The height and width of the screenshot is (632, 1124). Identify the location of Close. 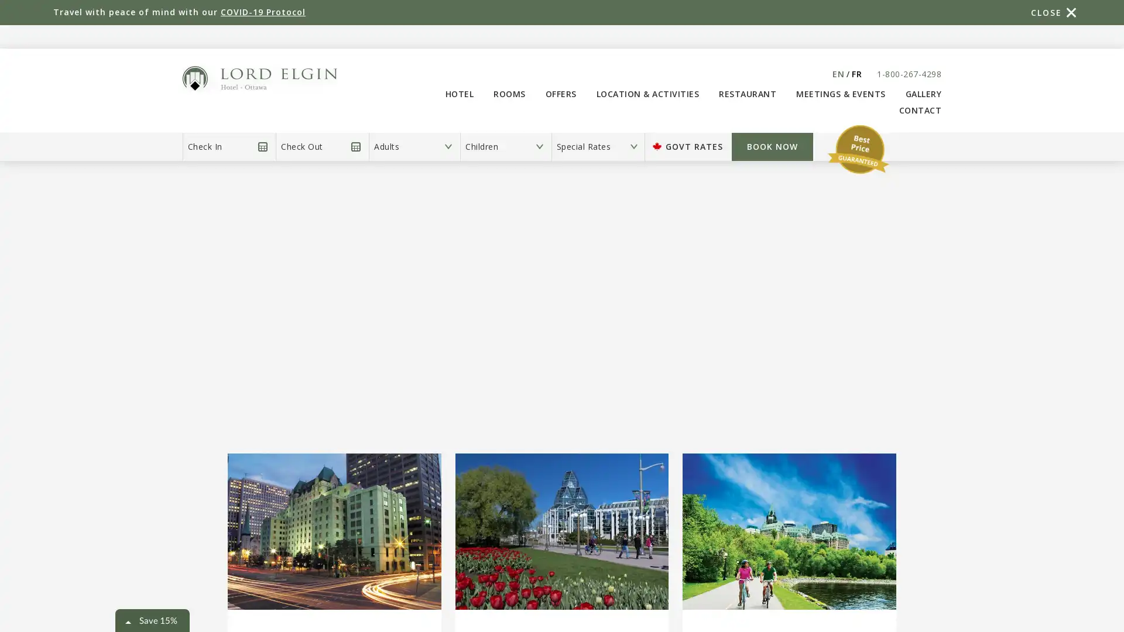
(691, 83).